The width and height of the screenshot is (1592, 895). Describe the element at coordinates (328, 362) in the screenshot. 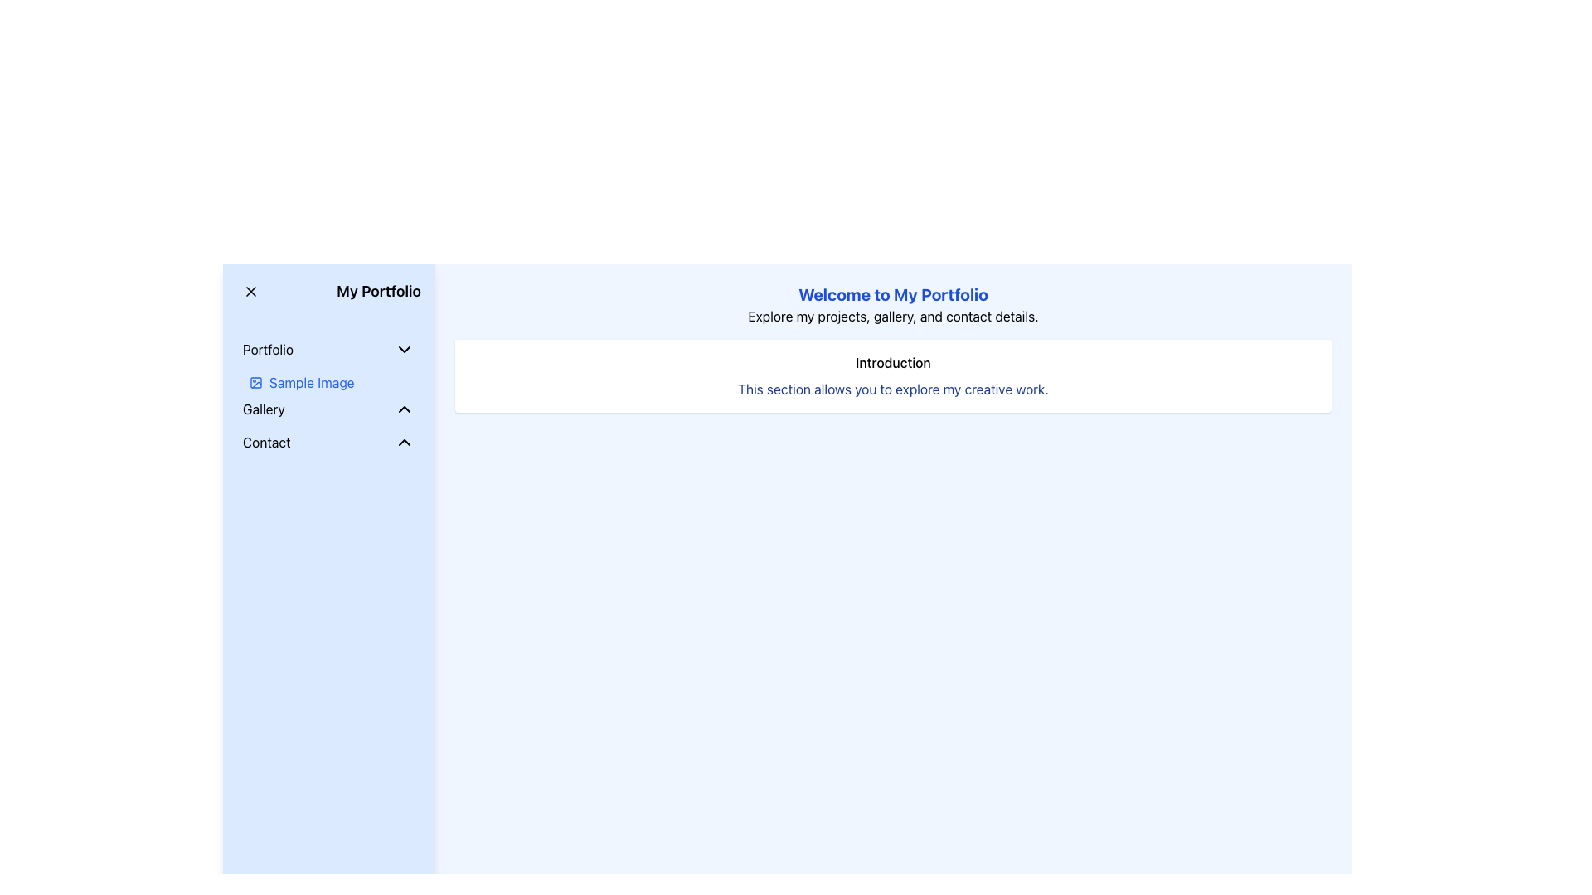

I see `the 'Sample Image' link in the navigation panel under the 'Portfolio' menu` at that location.